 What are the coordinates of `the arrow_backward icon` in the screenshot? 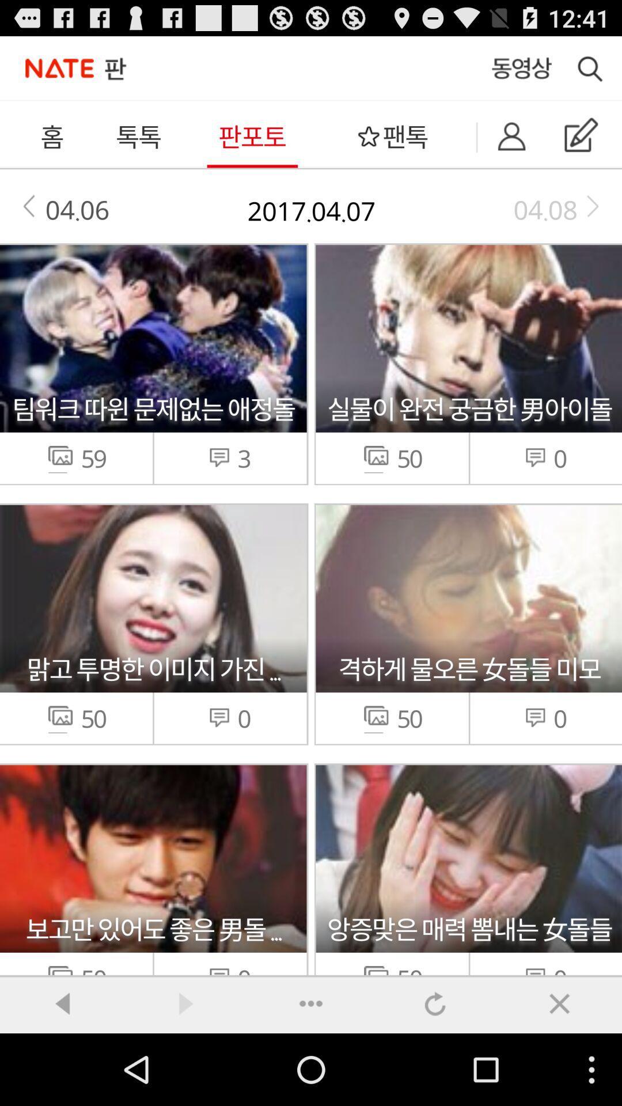 It's located at (62, 1073).